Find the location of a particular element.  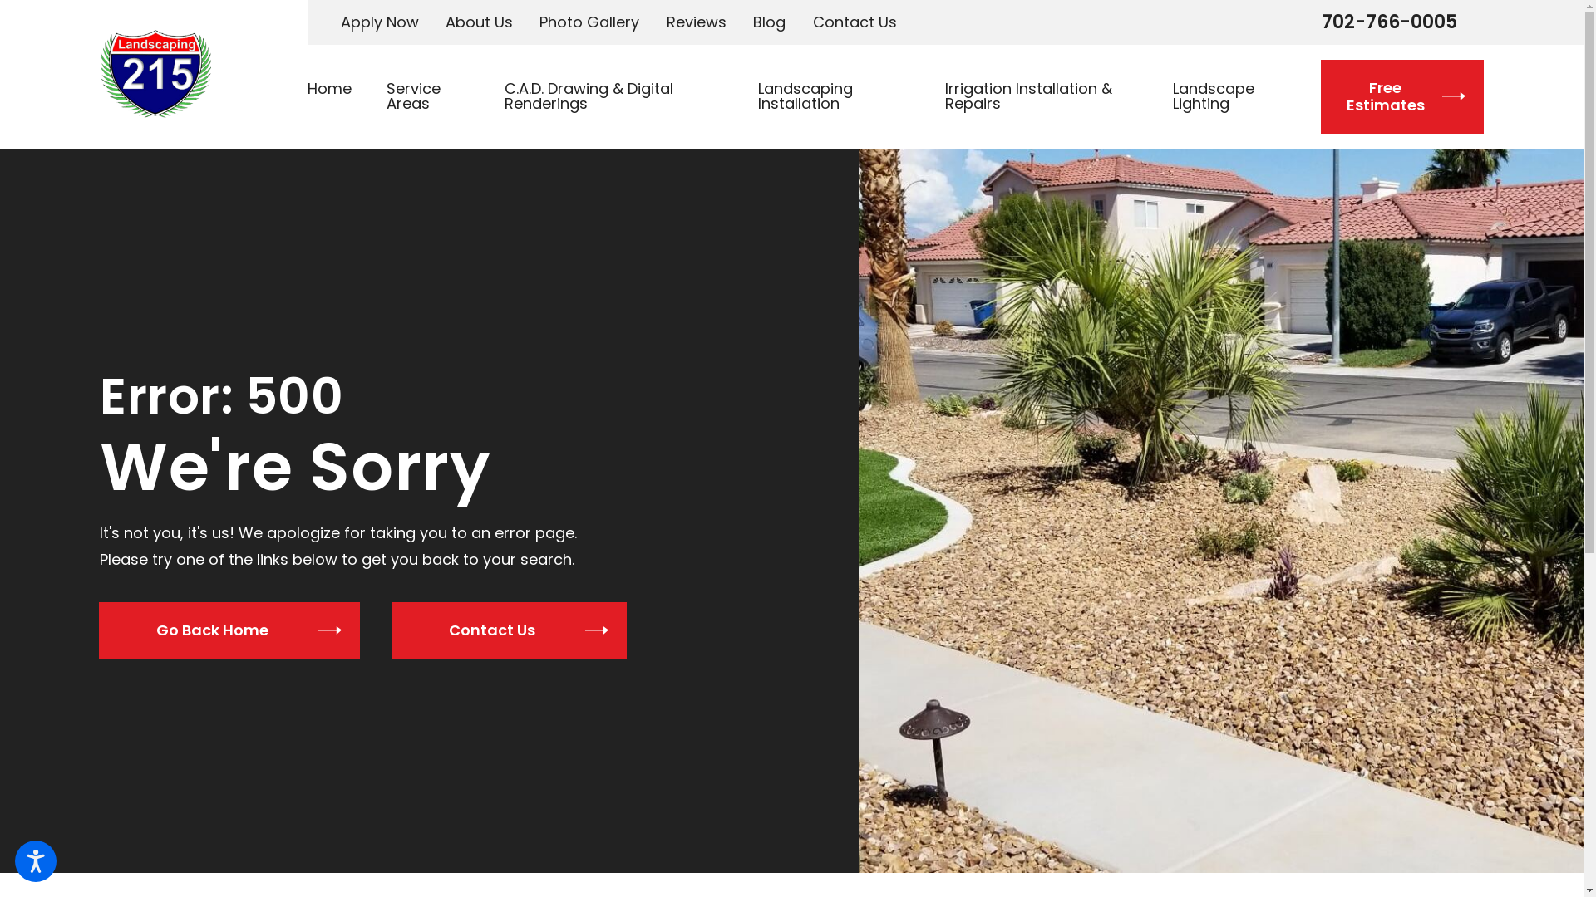

'Photo Gallery' is located at coordinates (589, 22).